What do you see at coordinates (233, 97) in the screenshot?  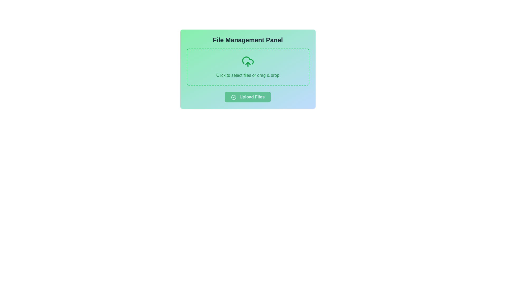 I see `the visual style of the circular green icon featuring a check mark, which is located to the left of the 'Upload Files' button text` at bounding box center [233, 97].